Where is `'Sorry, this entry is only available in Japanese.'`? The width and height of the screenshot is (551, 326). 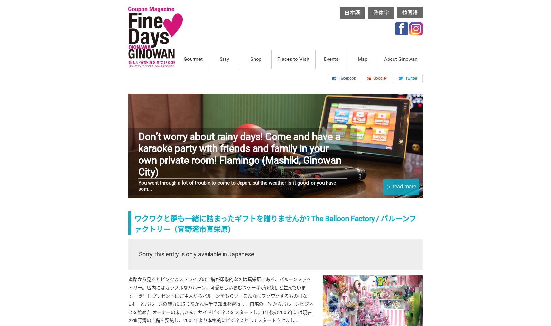
'Sorry, this entry is only available in Japanese.' is located at coordinates (197, 254).